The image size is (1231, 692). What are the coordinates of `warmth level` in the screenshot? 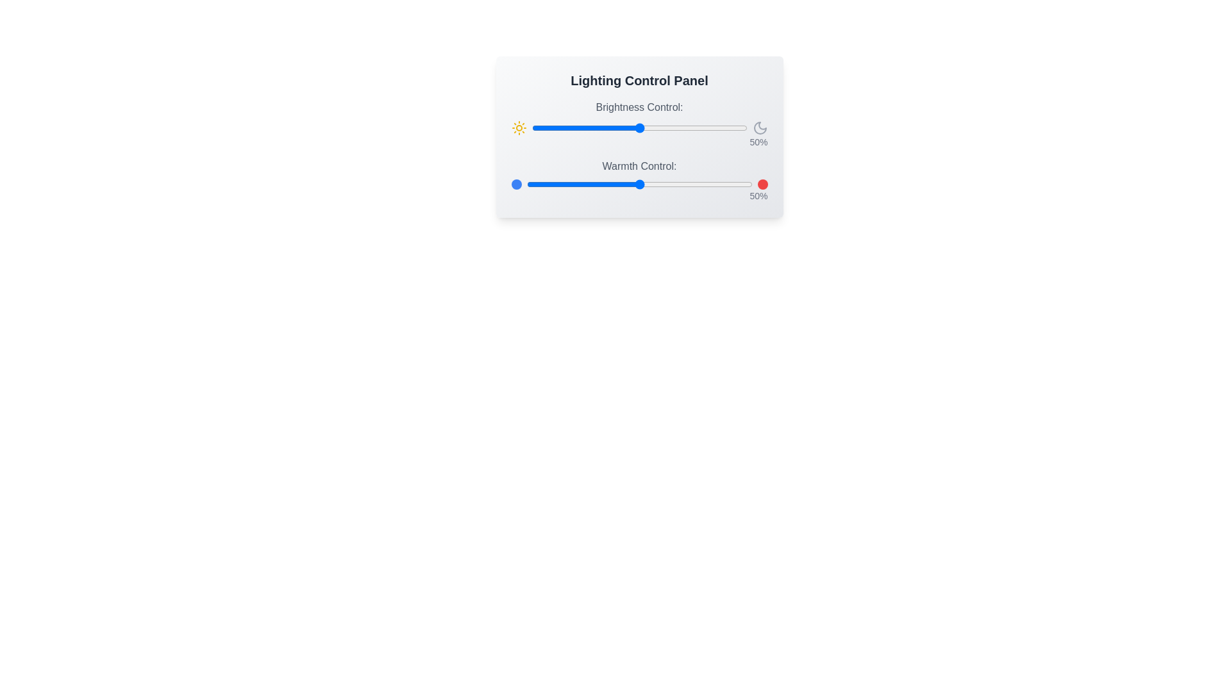 It's located at (571, 185).